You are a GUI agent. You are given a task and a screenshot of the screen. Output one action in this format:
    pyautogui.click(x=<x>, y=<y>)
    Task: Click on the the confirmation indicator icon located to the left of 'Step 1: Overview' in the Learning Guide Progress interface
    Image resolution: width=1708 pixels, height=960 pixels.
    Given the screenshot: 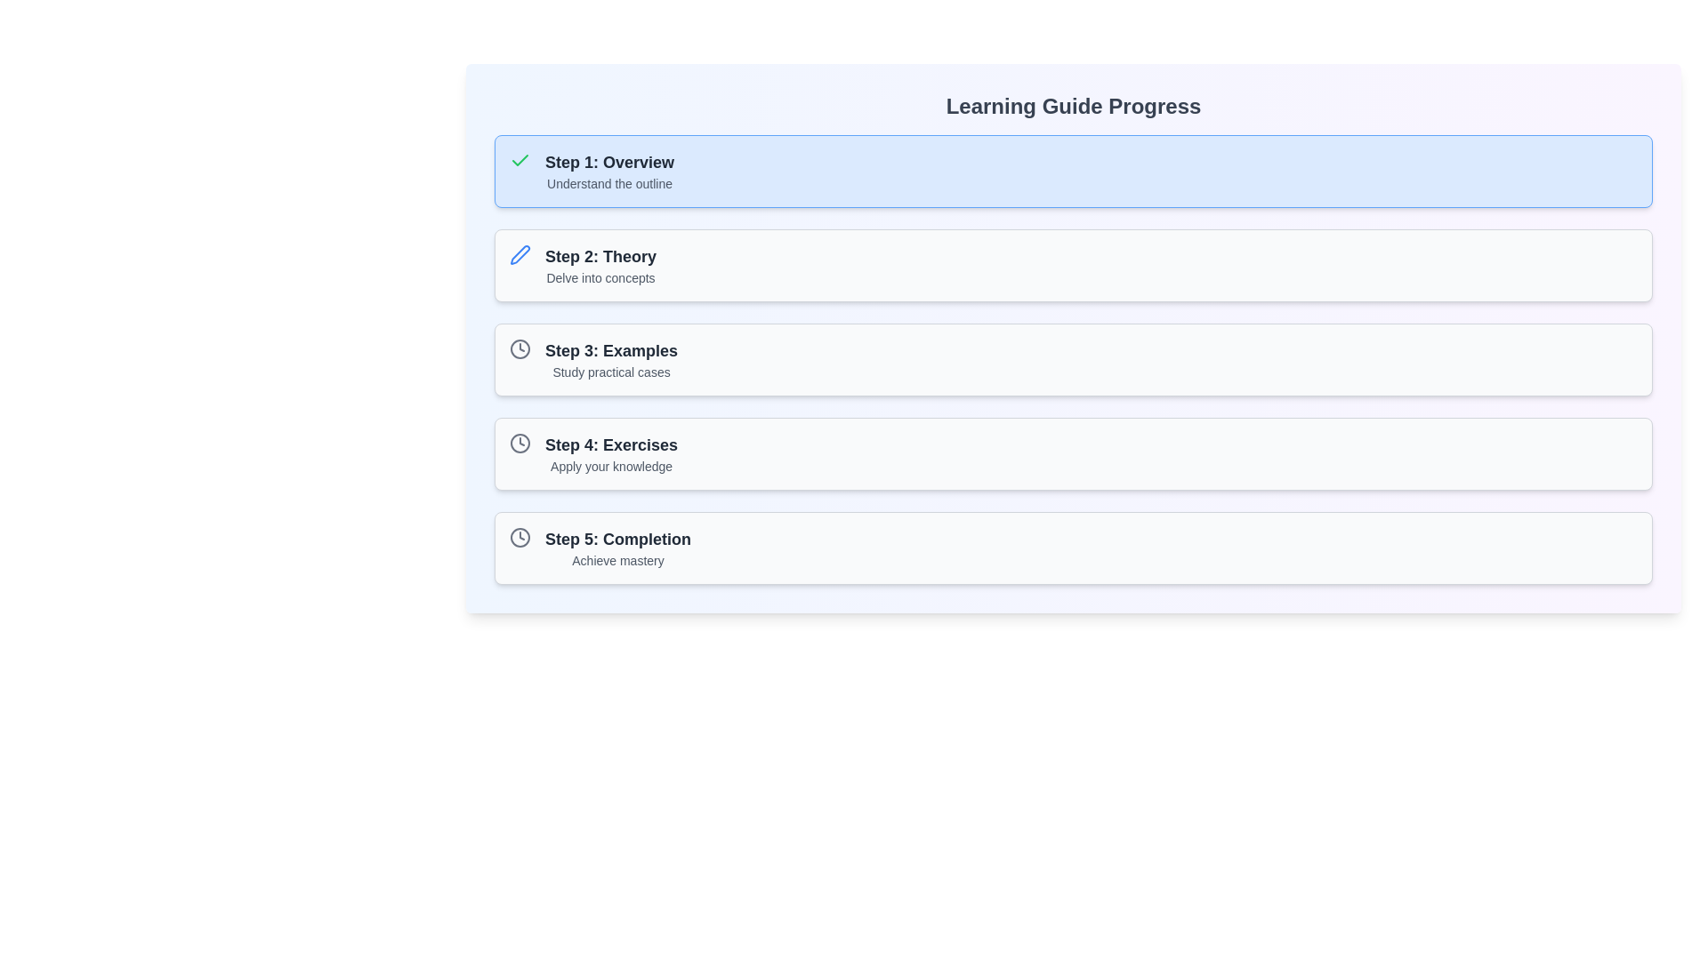 What is the action you would take?
    pyautogui.click(x=520, y=160)
    